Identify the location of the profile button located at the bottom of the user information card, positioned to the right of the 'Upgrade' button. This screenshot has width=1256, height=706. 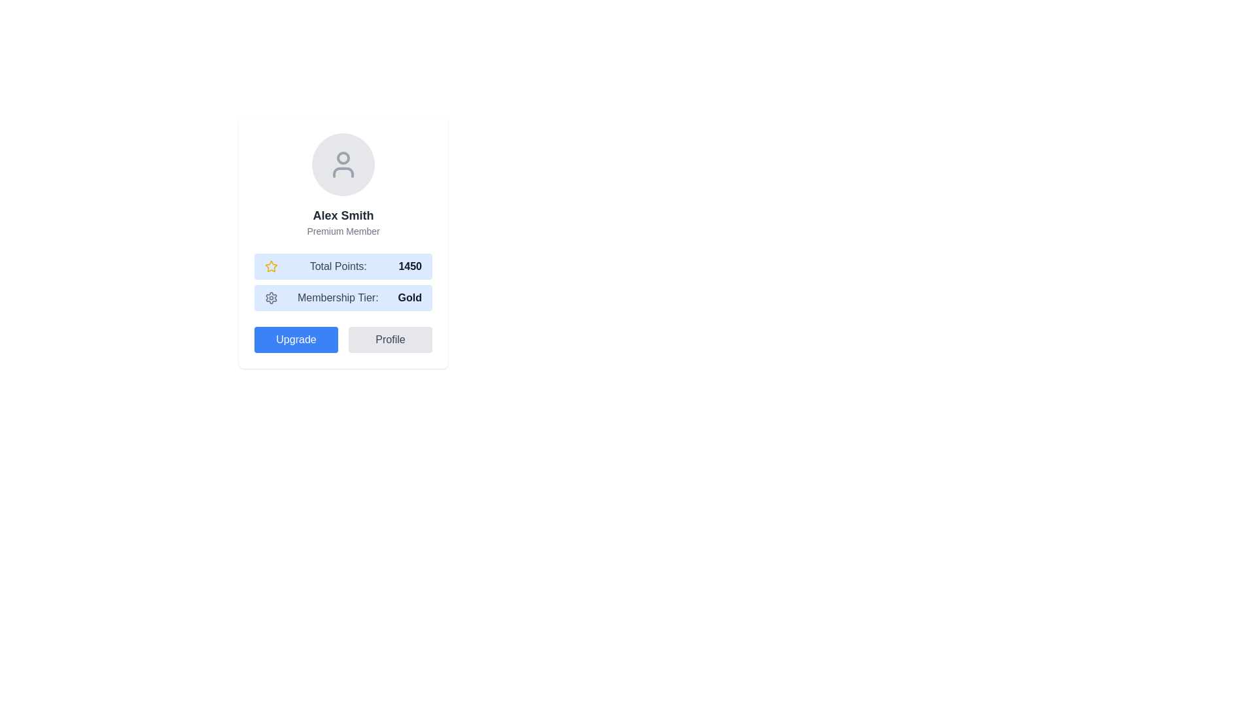
(389, 339).